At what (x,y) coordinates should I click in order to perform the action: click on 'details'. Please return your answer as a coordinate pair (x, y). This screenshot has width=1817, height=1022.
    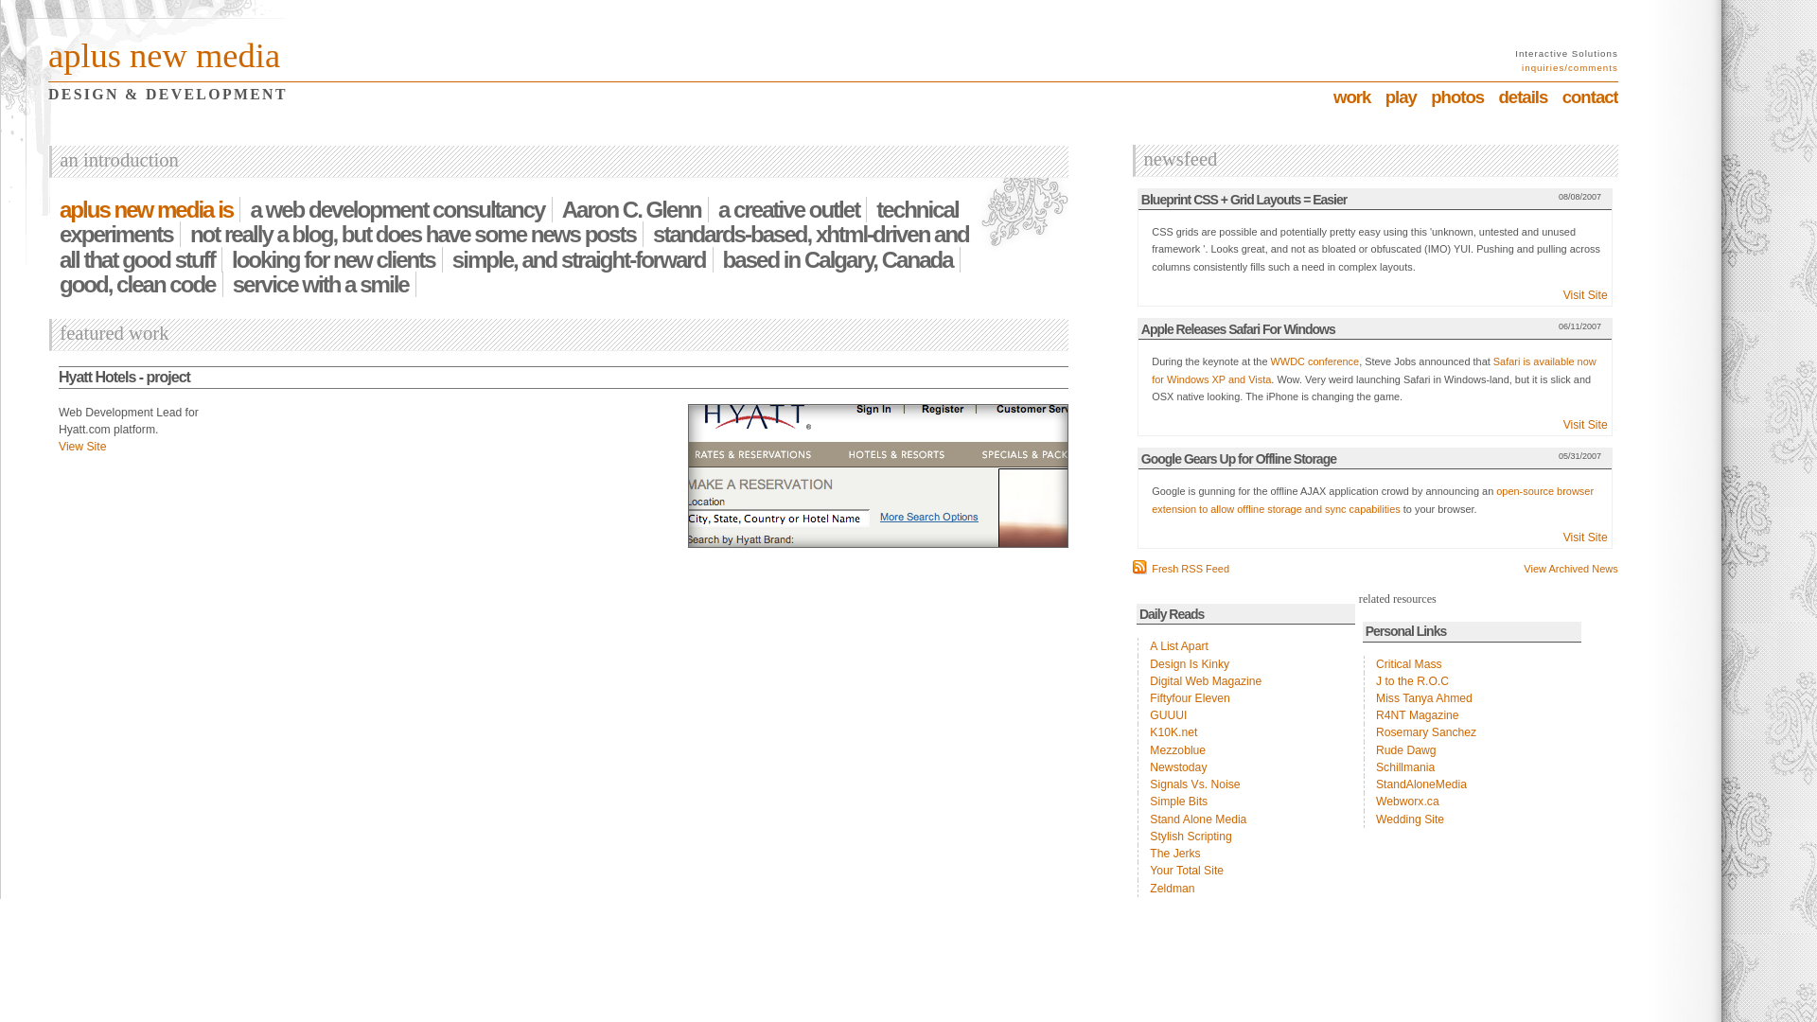
    Looking at the image, I should click on (1522, 97).